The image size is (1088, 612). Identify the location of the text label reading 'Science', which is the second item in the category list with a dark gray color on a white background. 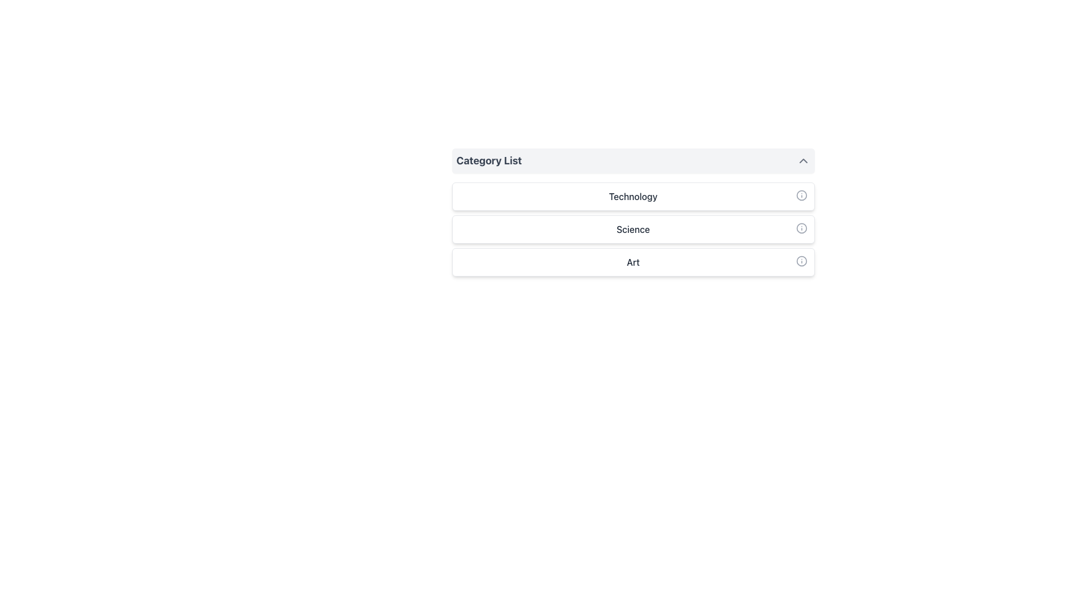
(632, 229).